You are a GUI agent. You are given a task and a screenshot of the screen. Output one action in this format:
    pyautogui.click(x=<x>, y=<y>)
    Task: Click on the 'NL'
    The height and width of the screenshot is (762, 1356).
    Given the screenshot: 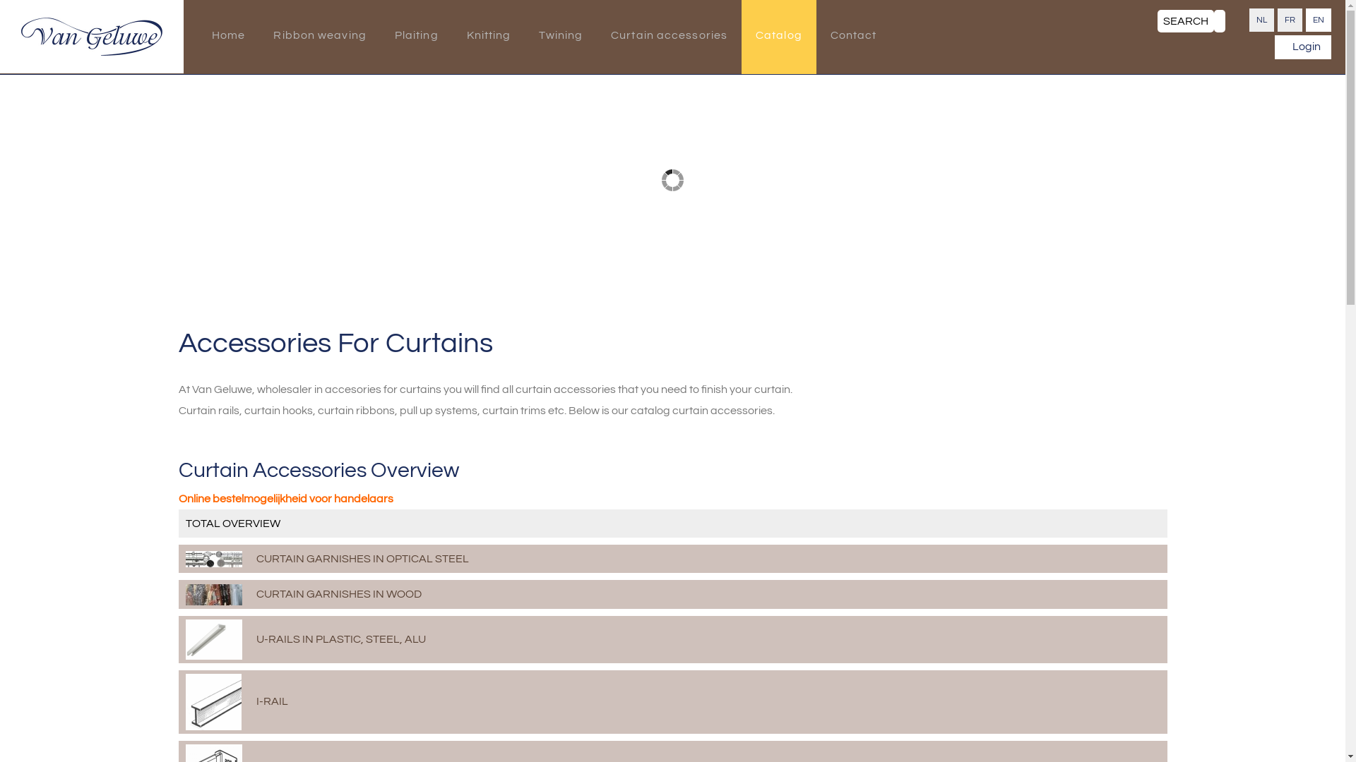 What is the action you would take?
    pyautogui.click(x=1261, y=20)
    